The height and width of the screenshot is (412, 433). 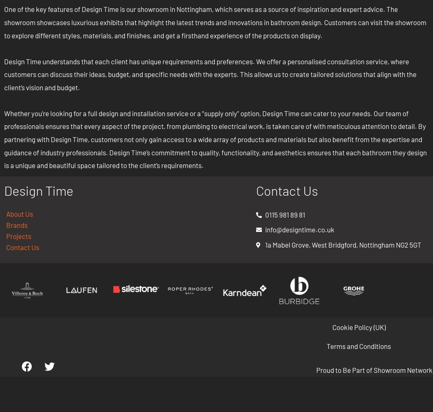 I want to click on 'Cookie Policy (UK)', so click(x=358, y=327).